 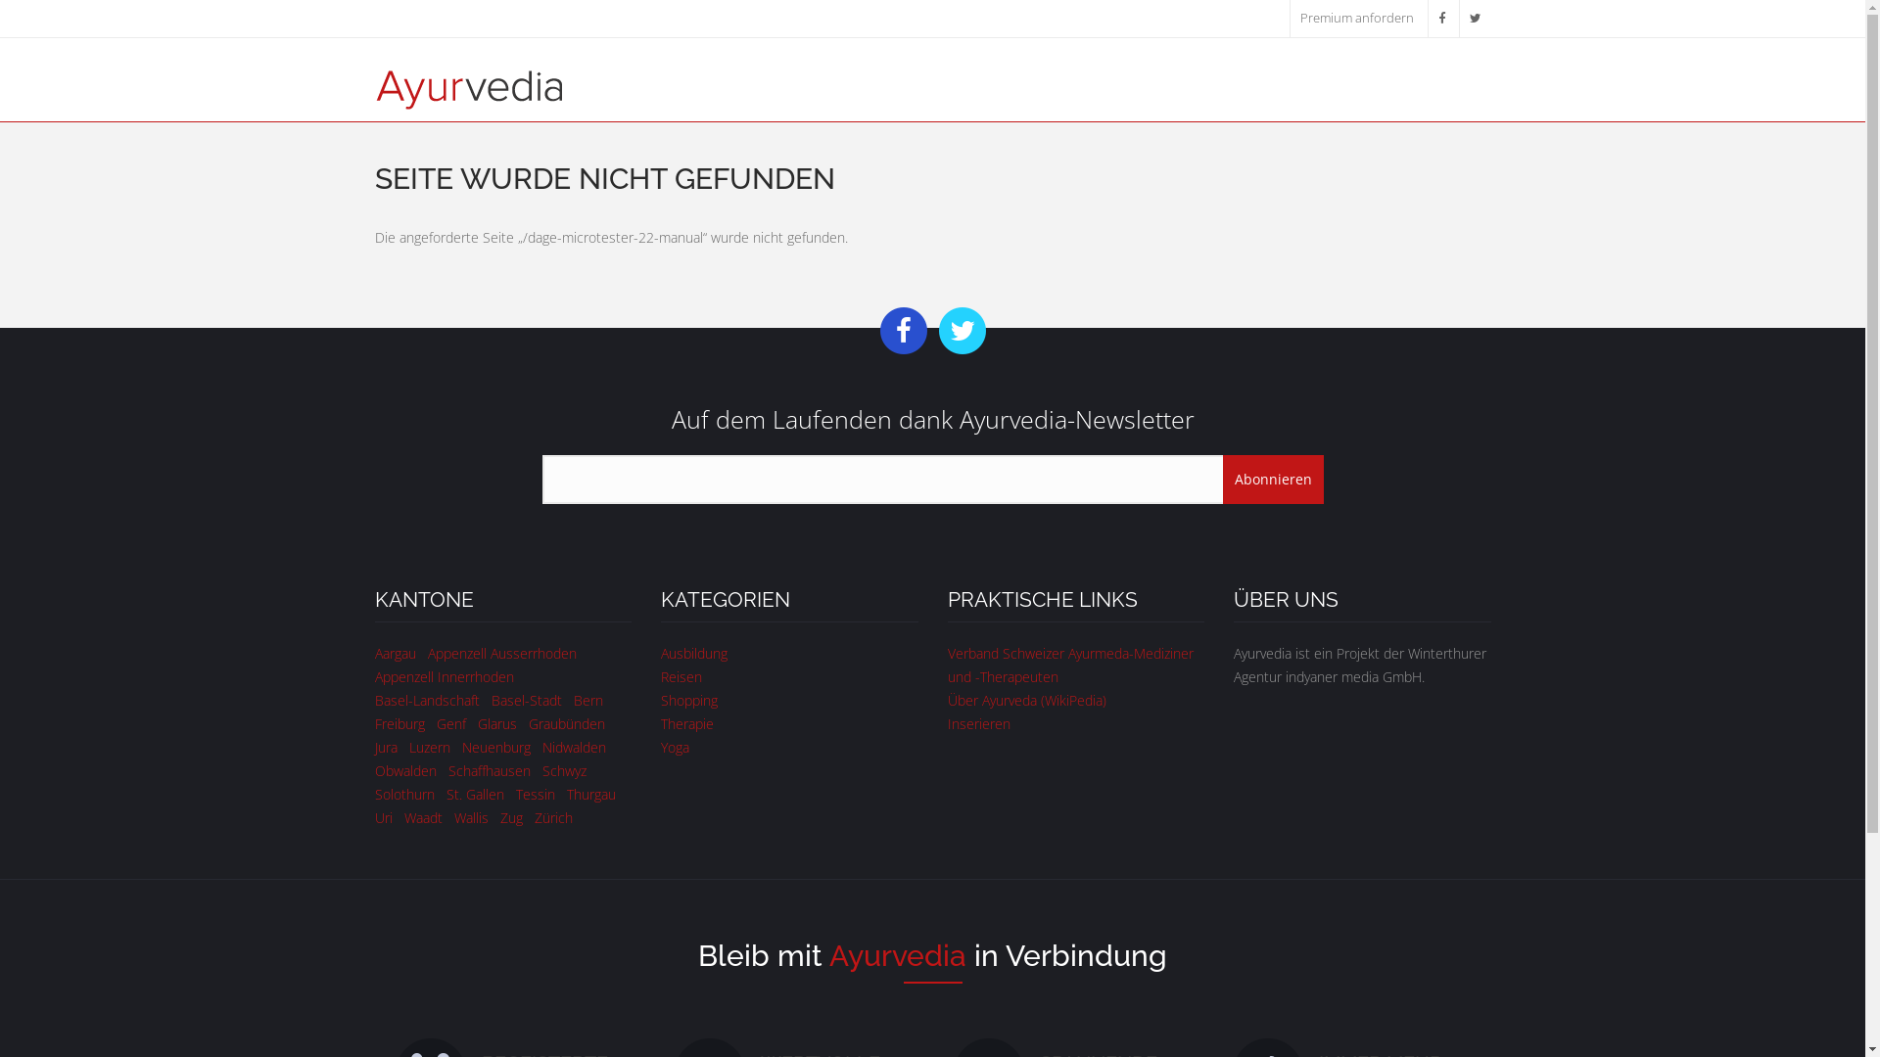 I want to click on 'Premium anfordern', so click(x=1356, y=18).